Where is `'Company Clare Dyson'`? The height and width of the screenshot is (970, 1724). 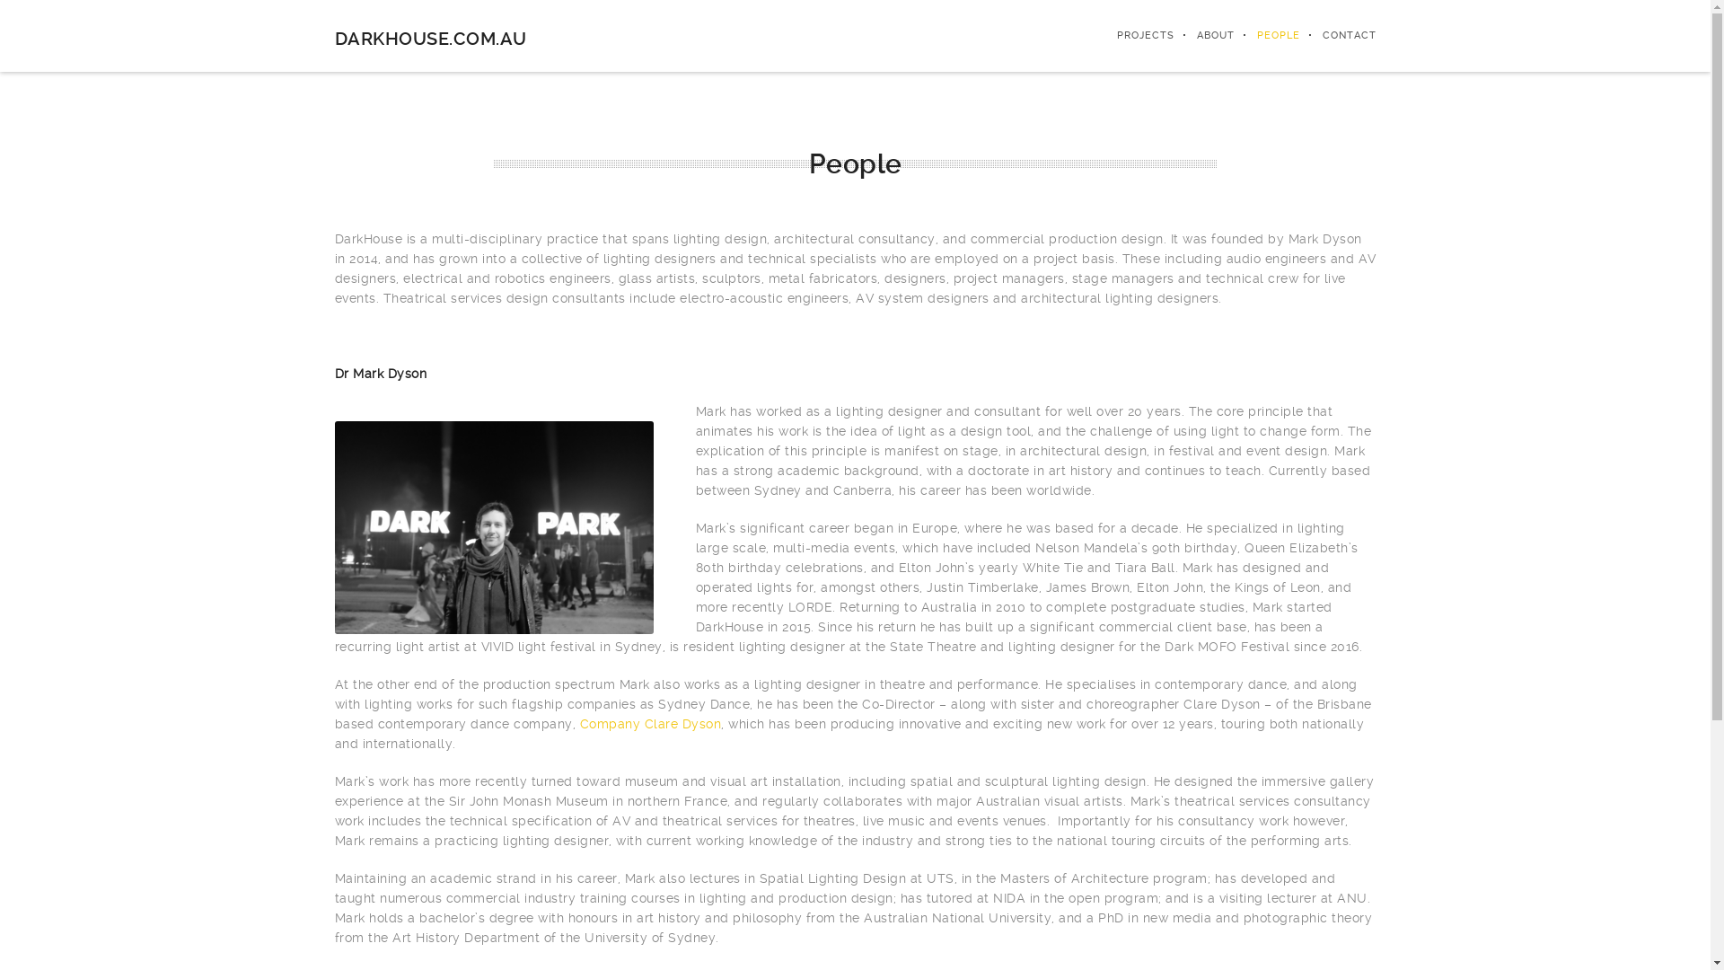 'Company Clare Dyson' is located at coordinates (649, 723).